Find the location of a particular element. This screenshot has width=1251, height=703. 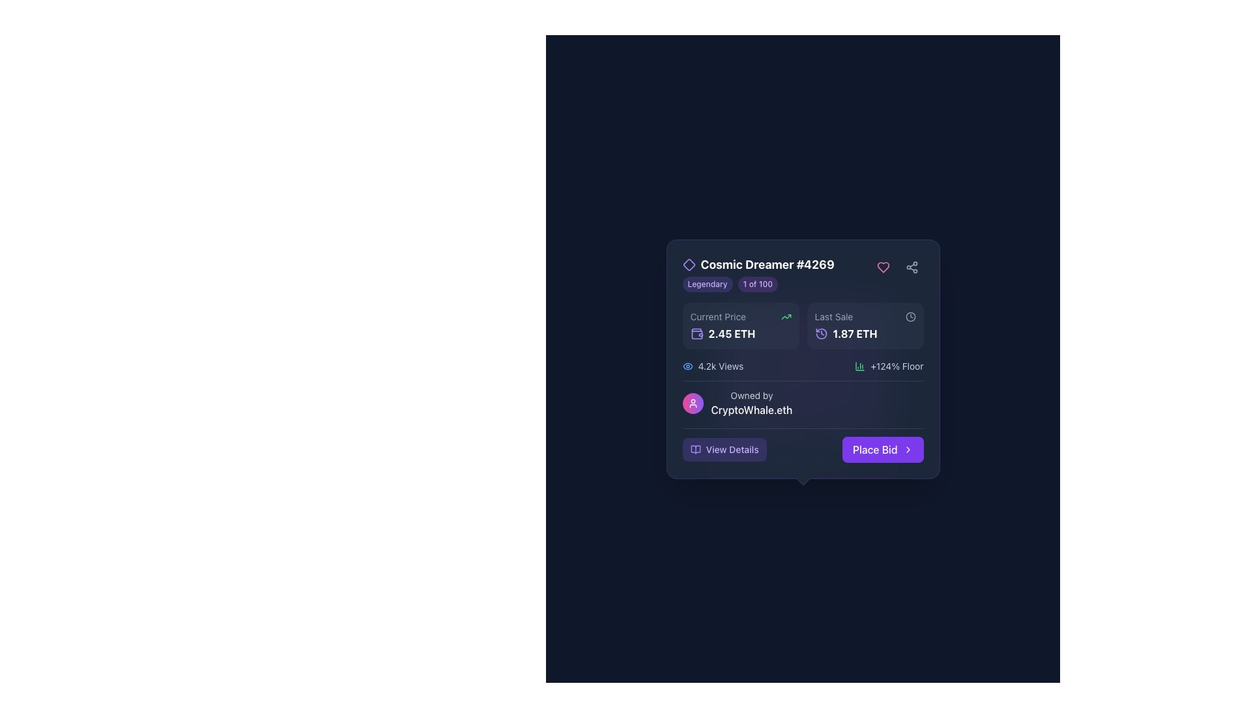

the text label displaying '2.45 ETH', which is styled in bold white font on a dark background, located in the 'Current Price' section to the right of the wallet icon is located at coordinates (732, 333).